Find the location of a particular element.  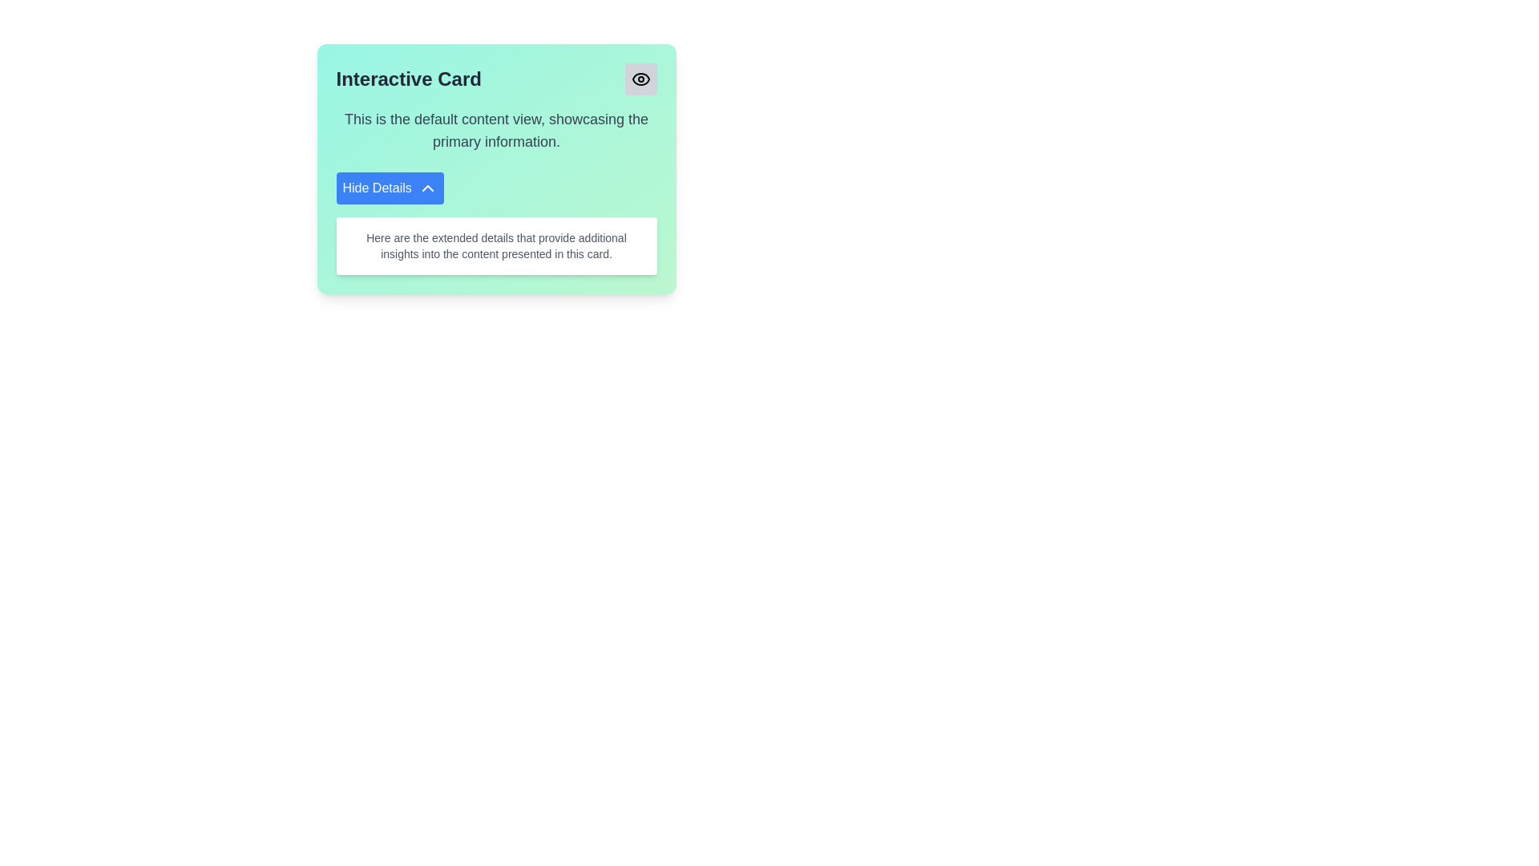

the rectangular button with a gray background and an eye icon, located in the upper-right corner of the 'Interactive Card' is located at coordinates (640, 79).